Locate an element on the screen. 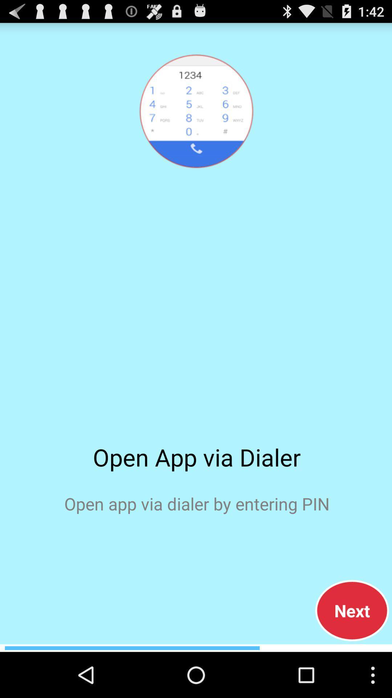 The width and height of the screenshot is (392, 698). the icon below open app via is located at coordinates (352, 610).